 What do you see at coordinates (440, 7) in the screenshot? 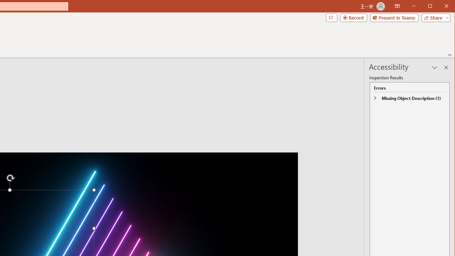
I see `'Maximize'` at bounding box center [440, 7].